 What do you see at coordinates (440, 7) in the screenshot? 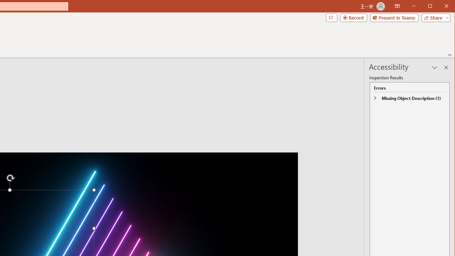
I see `'Maximize'` at bounding box center [440, 7].